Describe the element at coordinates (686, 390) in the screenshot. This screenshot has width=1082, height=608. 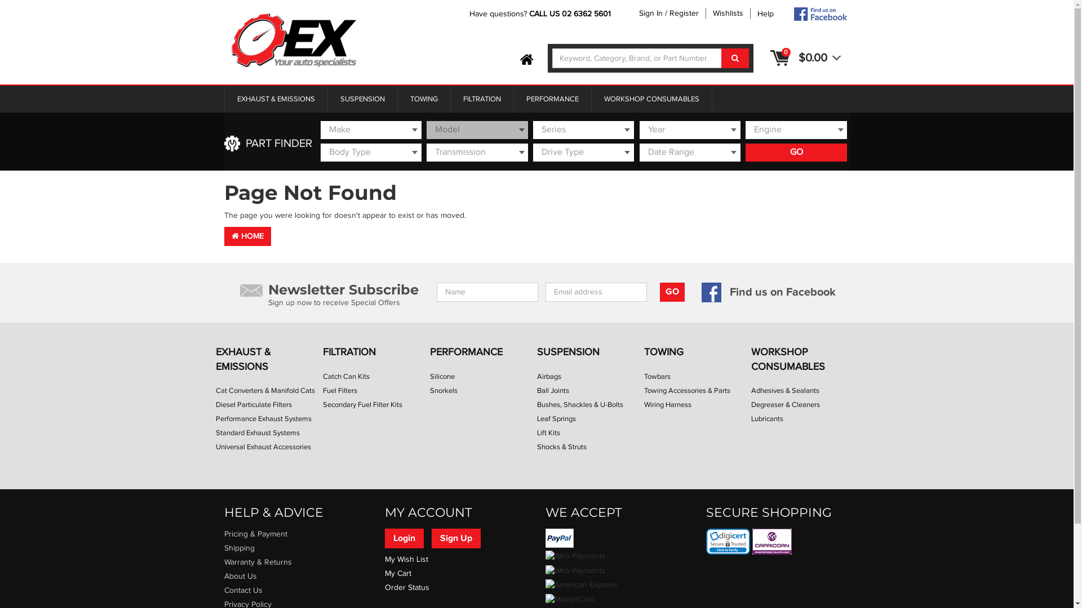
I see `'Towing Accessories & Parts'` at that location.